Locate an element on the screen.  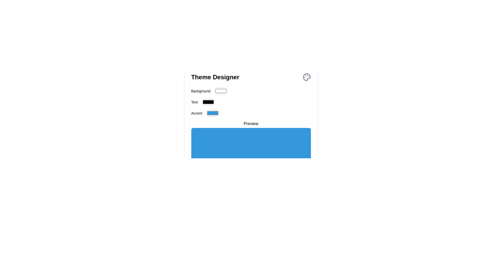
the label that serves as the title for the section above the blue area to check for additional information is located at coordinates (251, 124).